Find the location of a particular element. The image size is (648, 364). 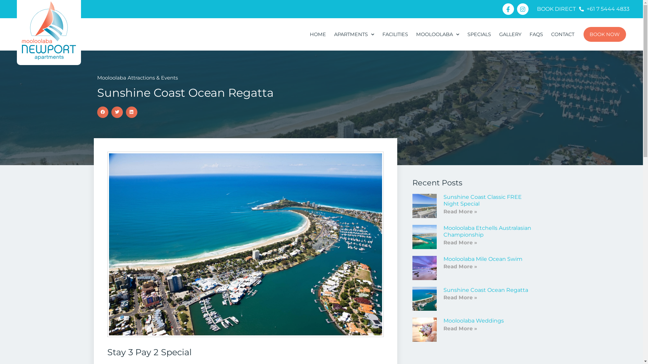

'CONTACT' is located at coordinates (547, 34).